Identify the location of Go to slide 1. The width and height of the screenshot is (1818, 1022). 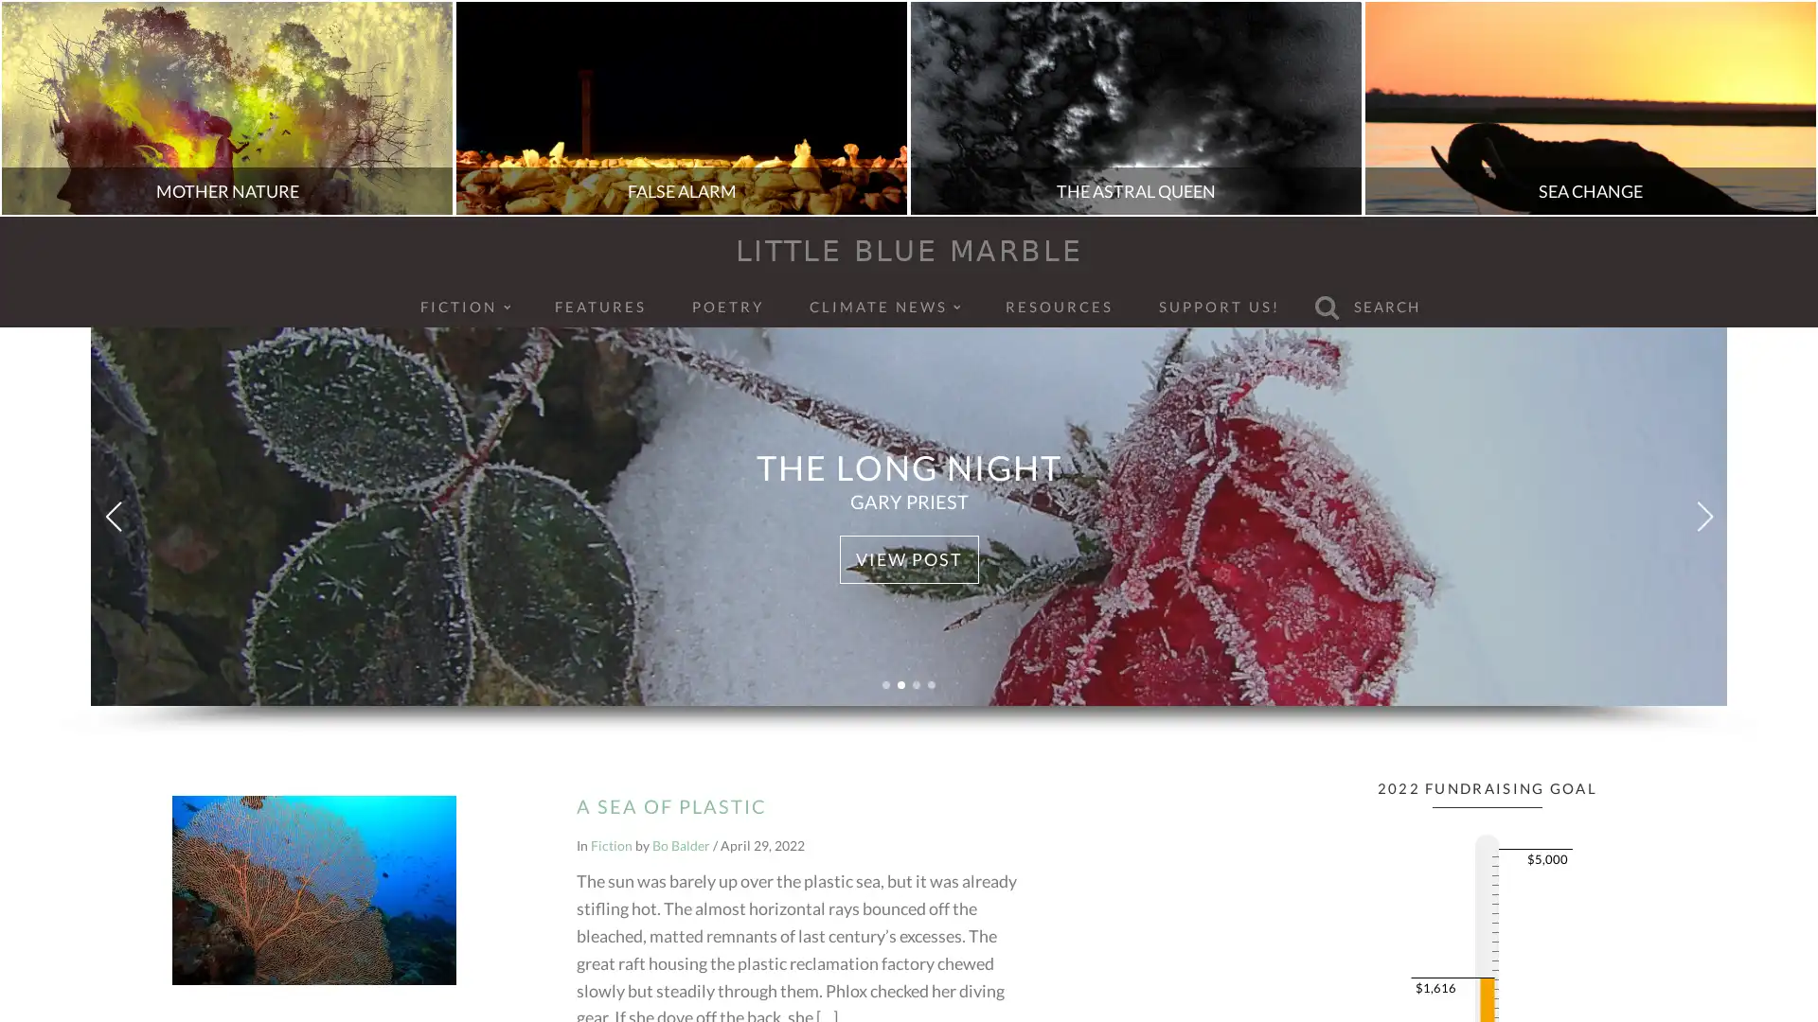
(885, 685).